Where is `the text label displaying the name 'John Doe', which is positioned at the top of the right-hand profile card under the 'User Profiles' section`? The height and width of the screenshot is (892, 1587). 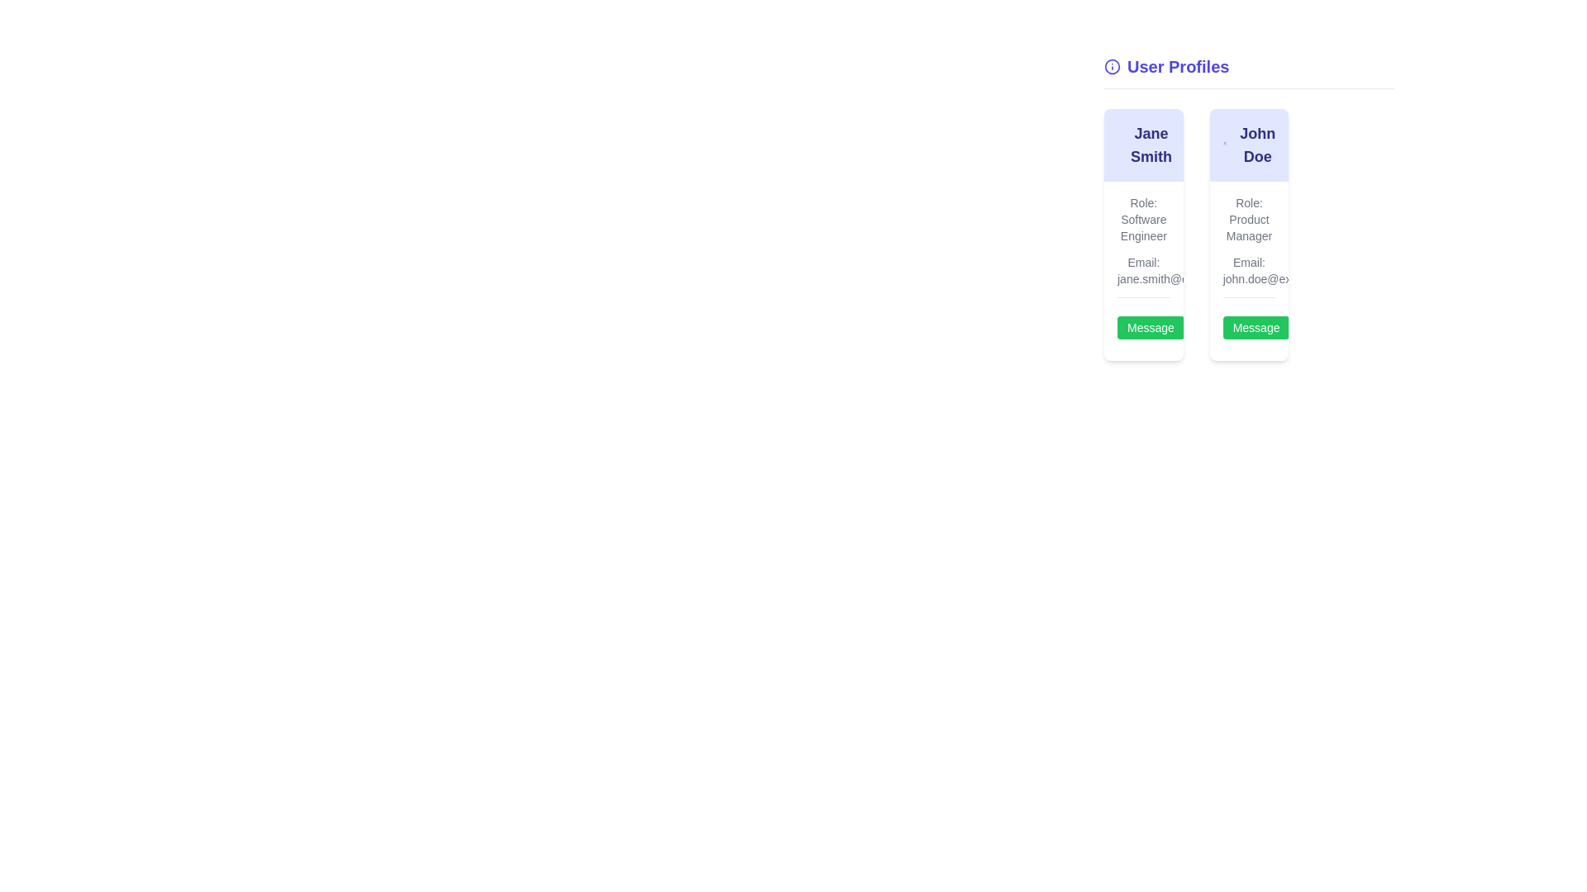
the text label displaying the name 'John Doe', which is positioned at the top of the right-hand profile card under the 'User Profiles' section is located at coordinates (1256, 145).